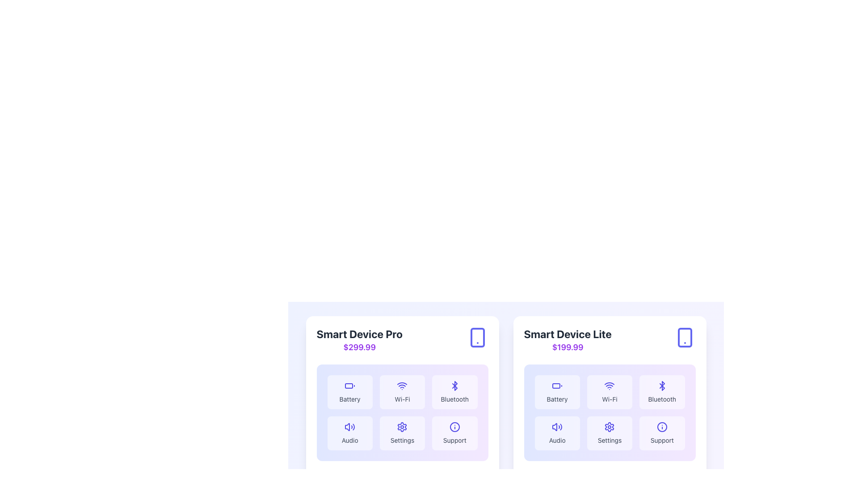  Describe the element at coordinates (454, 427) in the screenshot. I see `the circular Information icon with a blue outline and background located in the lower-right corner of the 3x2 grid in the 'Support' section of the 'Smart Device Pro' interface` at that location.